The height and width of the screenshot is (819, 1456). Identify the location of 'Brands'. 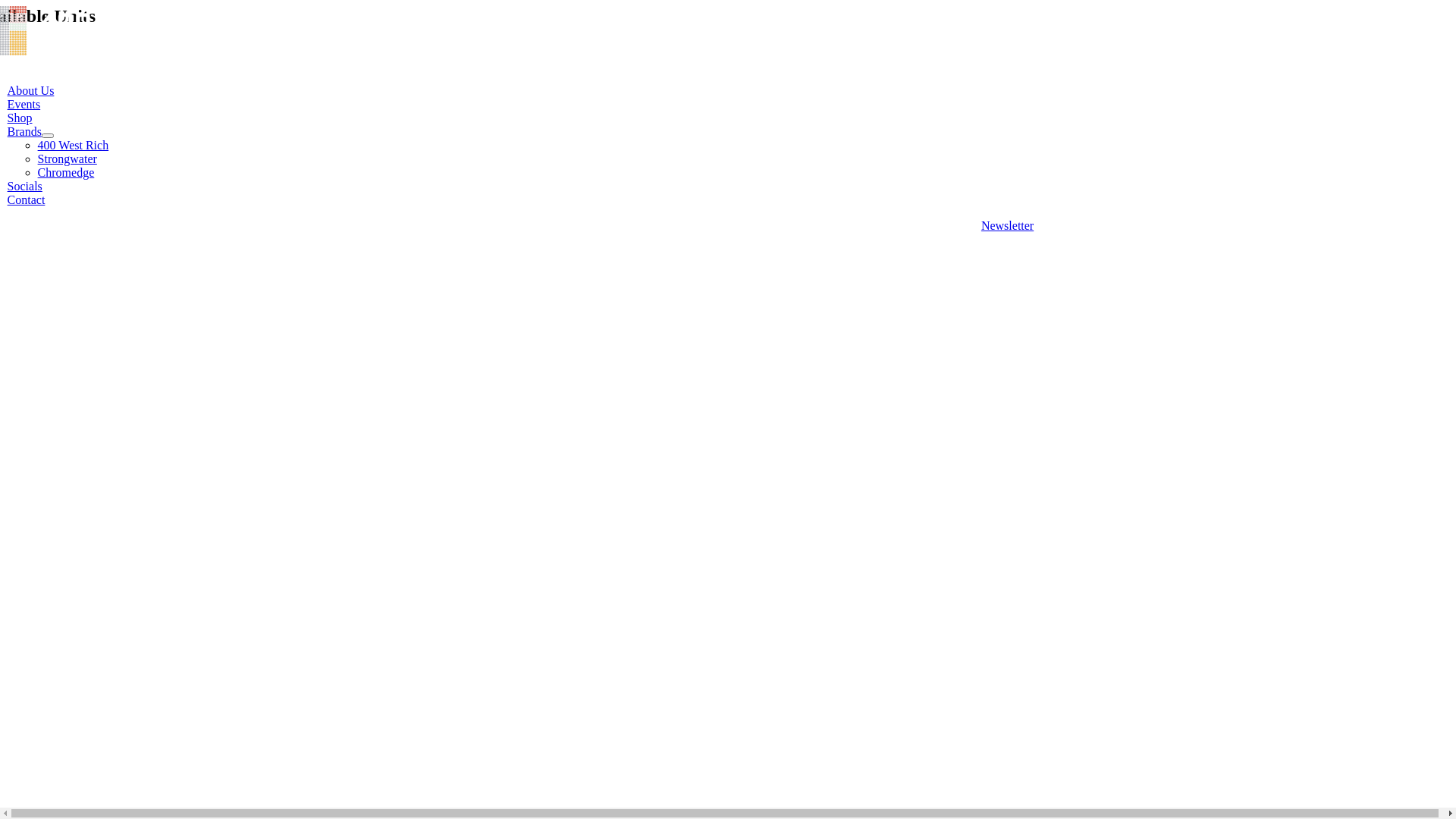
(24, 130).